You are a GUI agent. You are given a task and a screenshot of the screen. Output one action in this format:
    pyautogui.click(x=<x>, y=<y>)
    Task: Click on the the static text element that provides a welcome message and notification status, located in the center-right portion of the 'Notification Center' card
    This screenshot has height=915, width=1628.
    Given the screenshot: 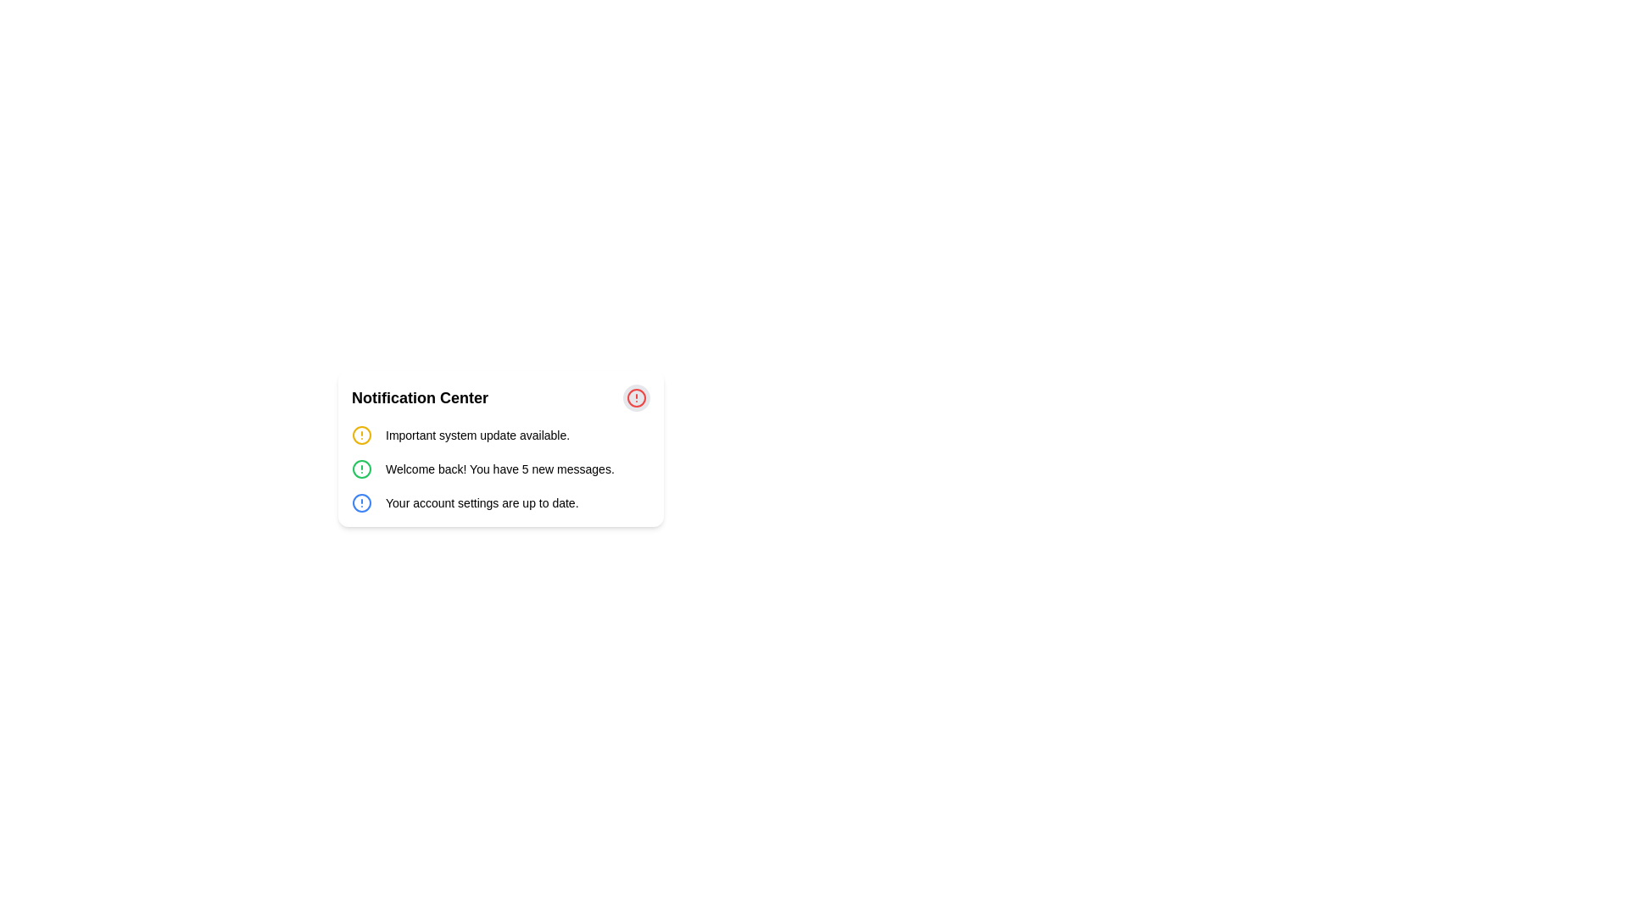 What is the action you would take?
    pyautogui.click(x=499, y=469)
    